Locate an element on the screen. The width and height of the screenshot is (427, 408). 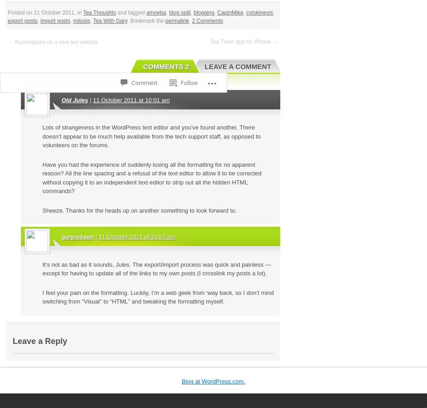
'export posts' is located at coordinates (22, 20).